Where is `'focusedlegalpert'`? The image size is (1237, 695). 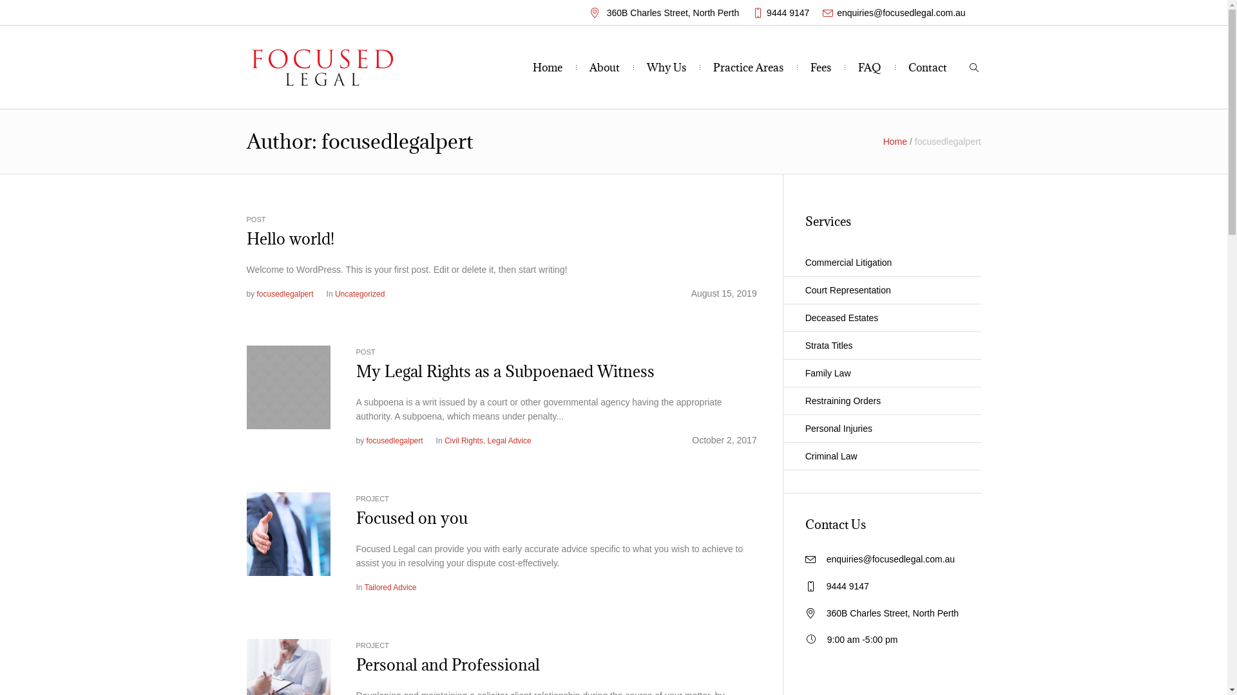
'focusedlegalpert' is located at coordinates (394, 440).